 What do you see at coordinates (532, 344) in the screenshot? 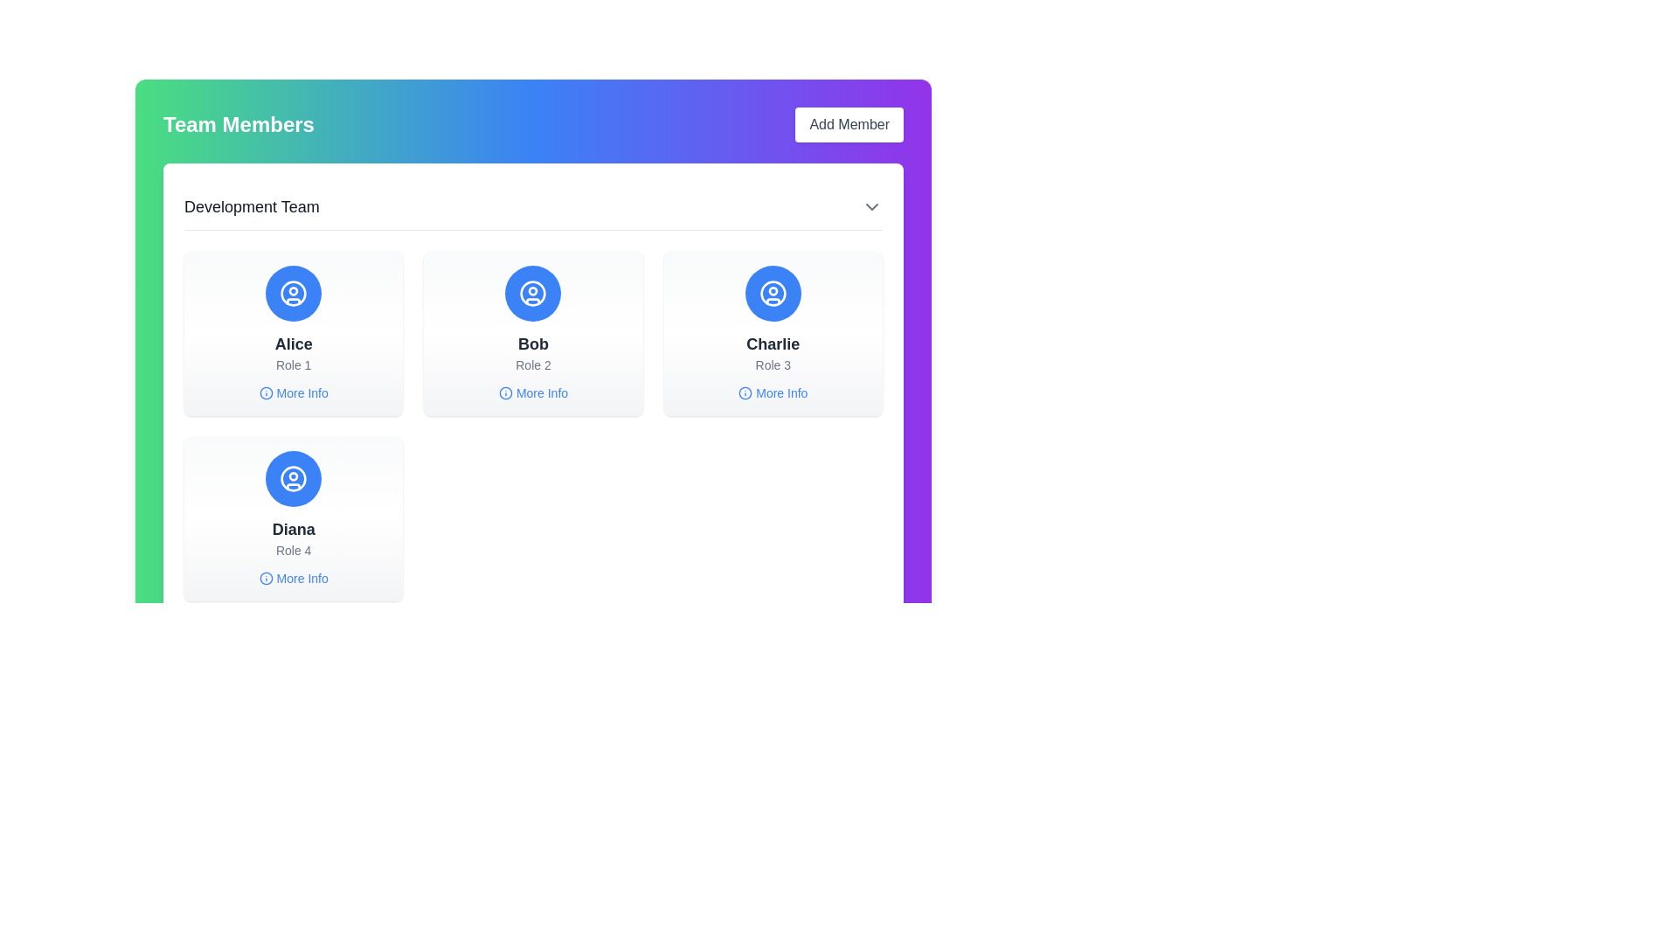
I see `the text label displaying 'Bob' in bold, dark gray font, located centrally within 'Bob's card' to bring up additional options or a context menu` at bounding box center [532, 344].